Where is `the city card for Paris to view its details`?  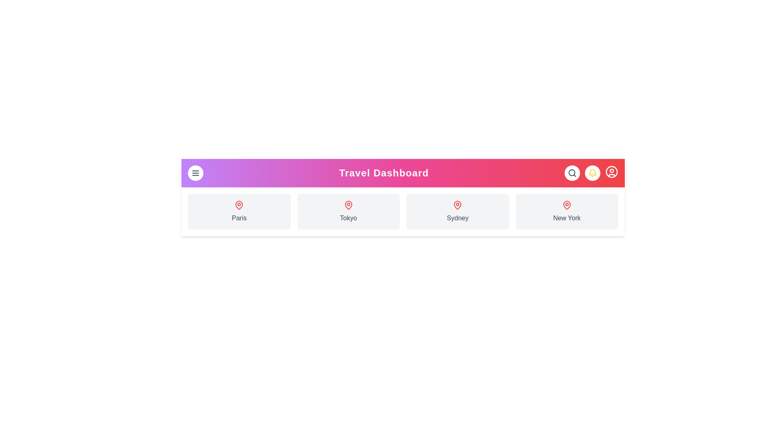
the city card for Paris to view its details is located at coordinates (239, 211).